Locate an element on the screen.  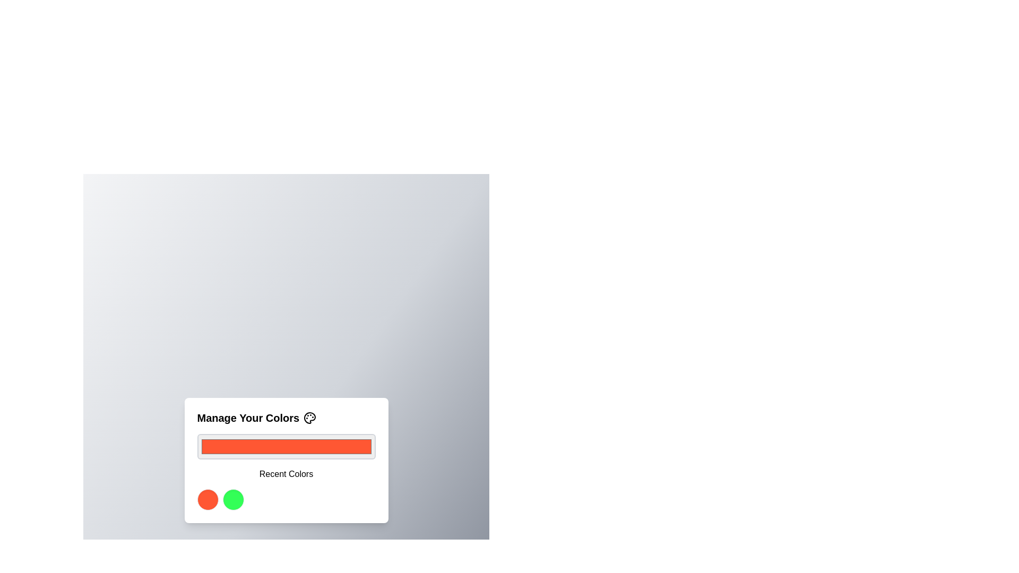
the Color picker widget located below the header text 'Manage Your Colors' and above the label 'Recent Colors' is located at coordinates (286, 459).